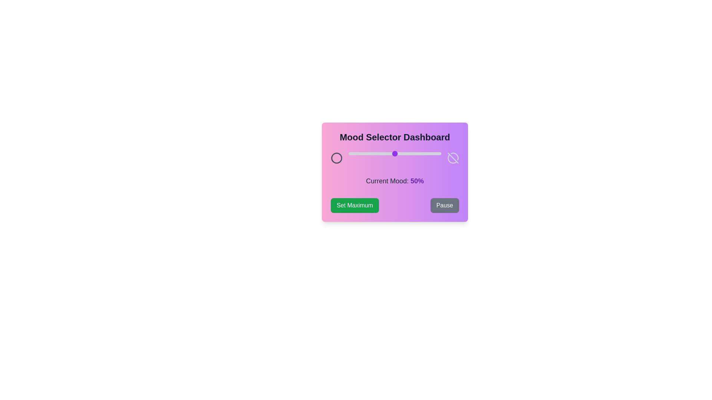 The width and height of the screenshot is (712, 400). I want to click on the background area outside the MoodSelectorDashboard component to focus or defocus it, so click(37, 37).